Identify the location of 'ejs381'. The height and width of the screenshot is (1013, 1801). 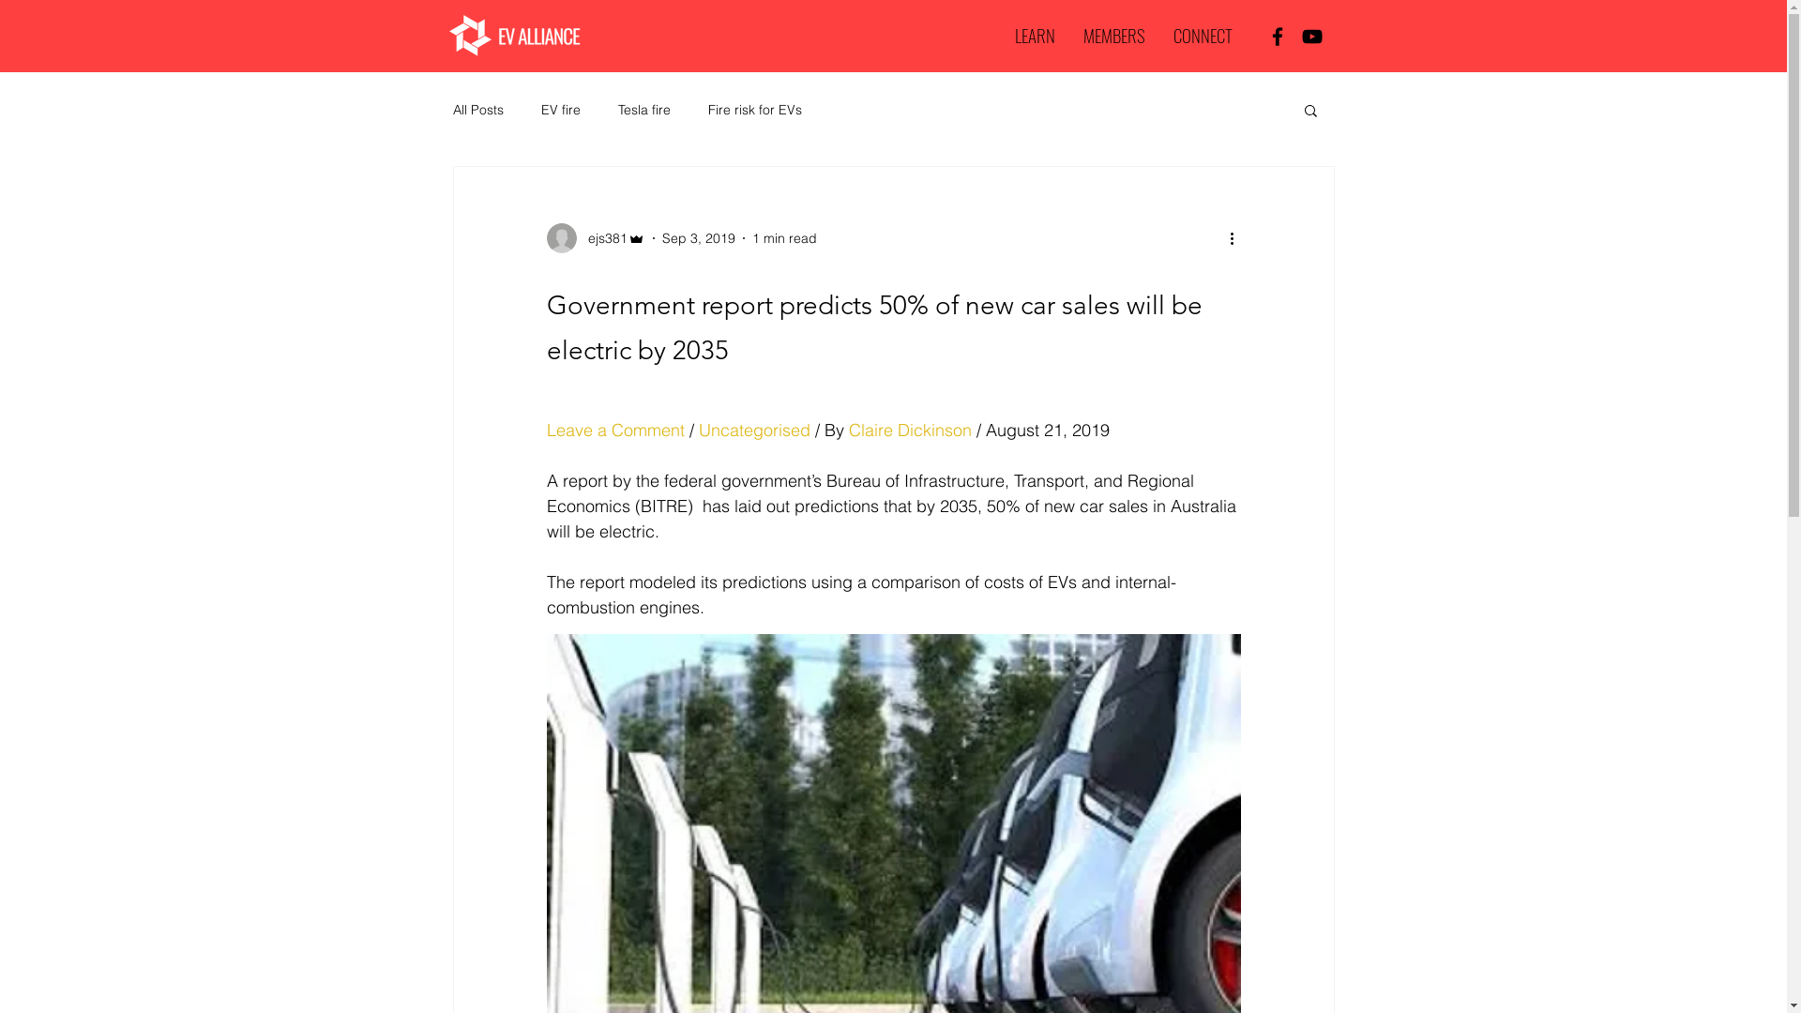
(594, 237).